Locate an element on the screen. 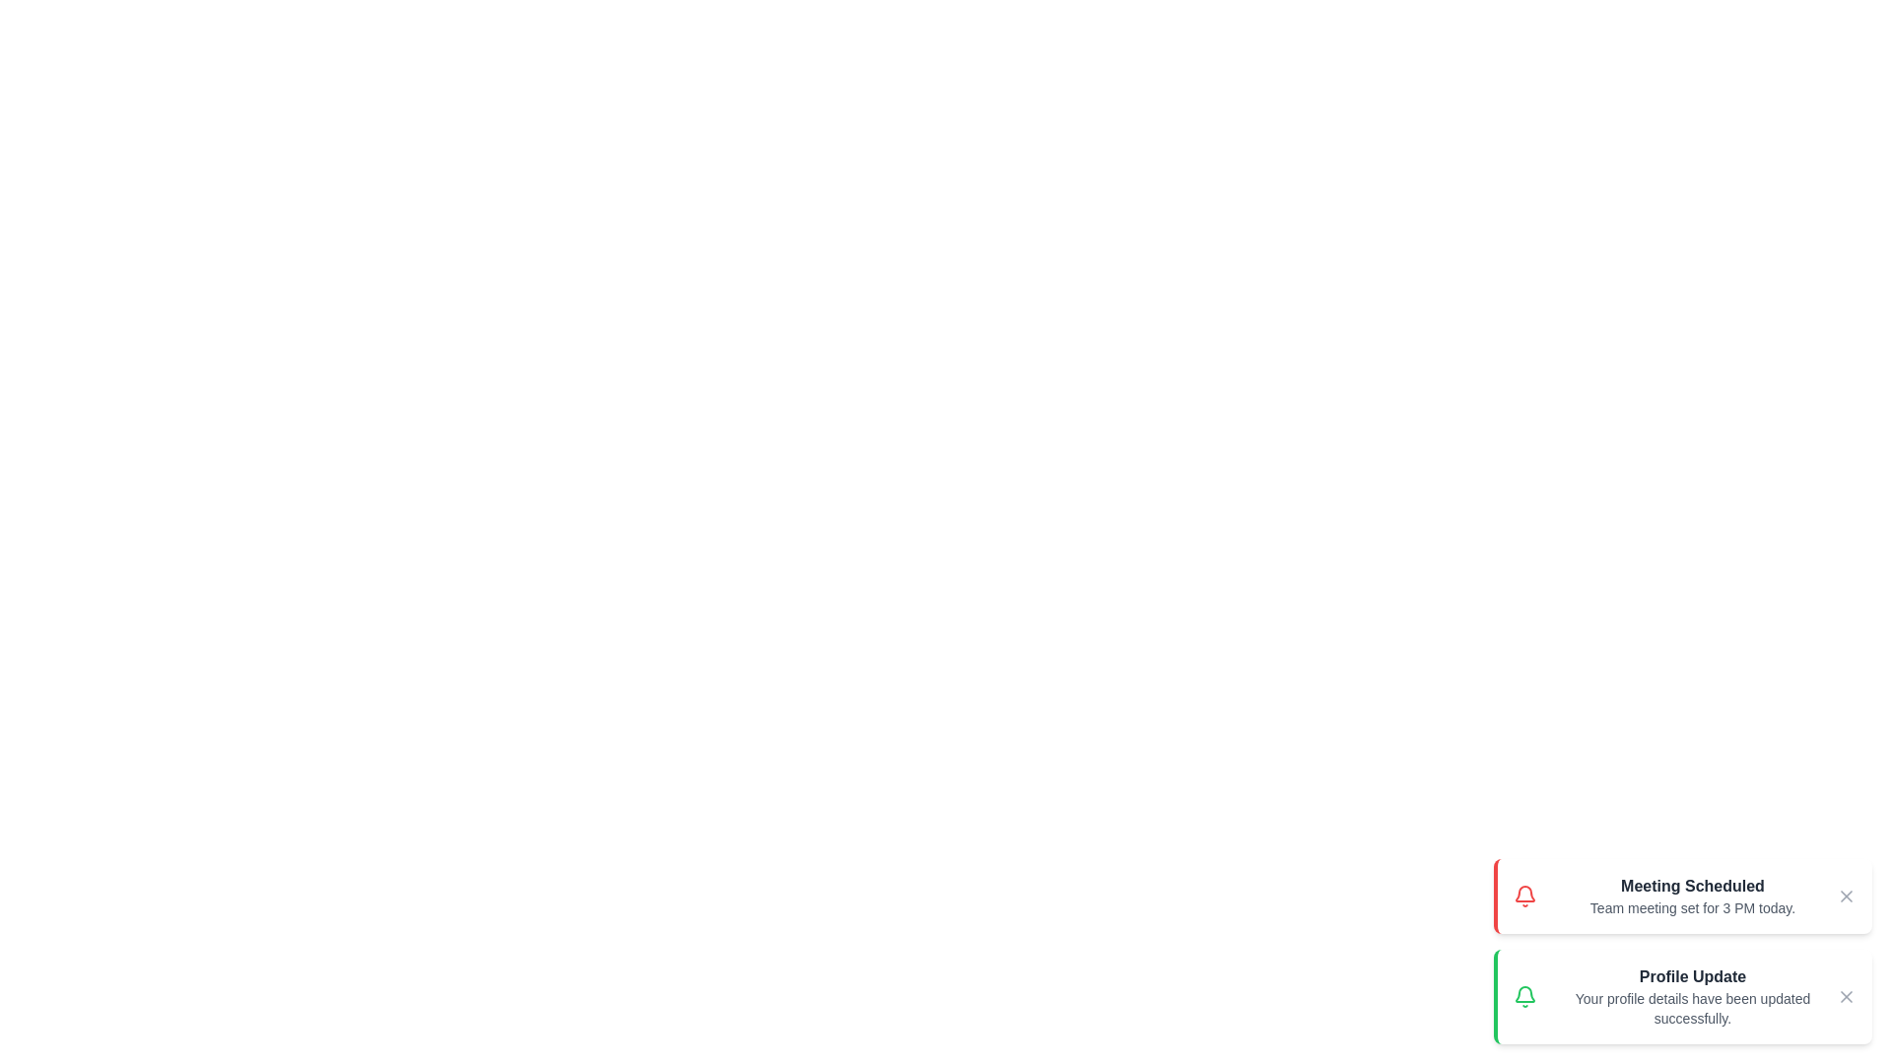 This screenshot has width=1892, height=1064. the close button of the notification to dismiss it is located at coordinates (1845, 897).